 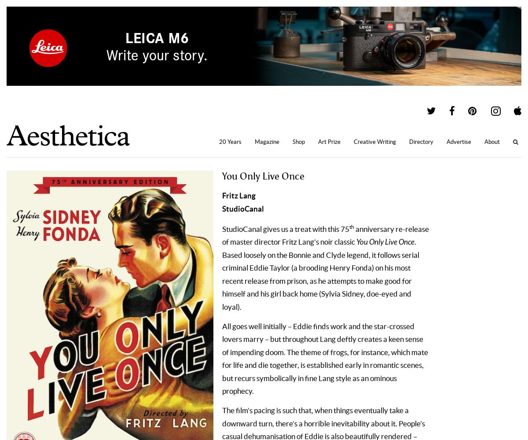 I want to click on '. Based loosely on the Bonnie and Clyde legend, it follows serial criminal Eddie Taylor (a brooding Henry Fonda) on his most recent release from prison, as he attempts to make good for himself and his girl back home (Sylvia Sidney, doe-eyed and loyal).', so click(x=321, y=274).